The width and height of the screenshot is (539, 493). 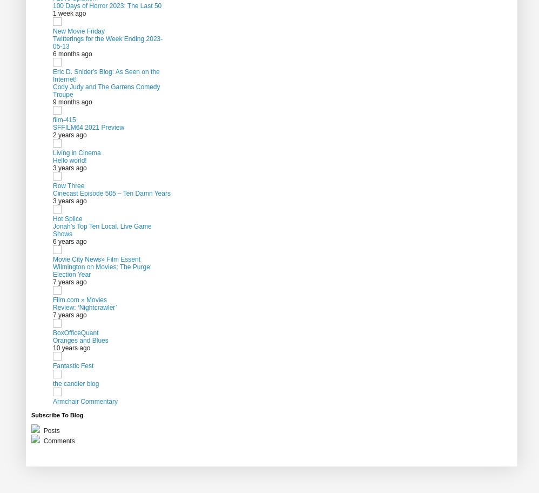 I want to click on 'SFFILM64 2021 Preview', so click(x=87, y=127).